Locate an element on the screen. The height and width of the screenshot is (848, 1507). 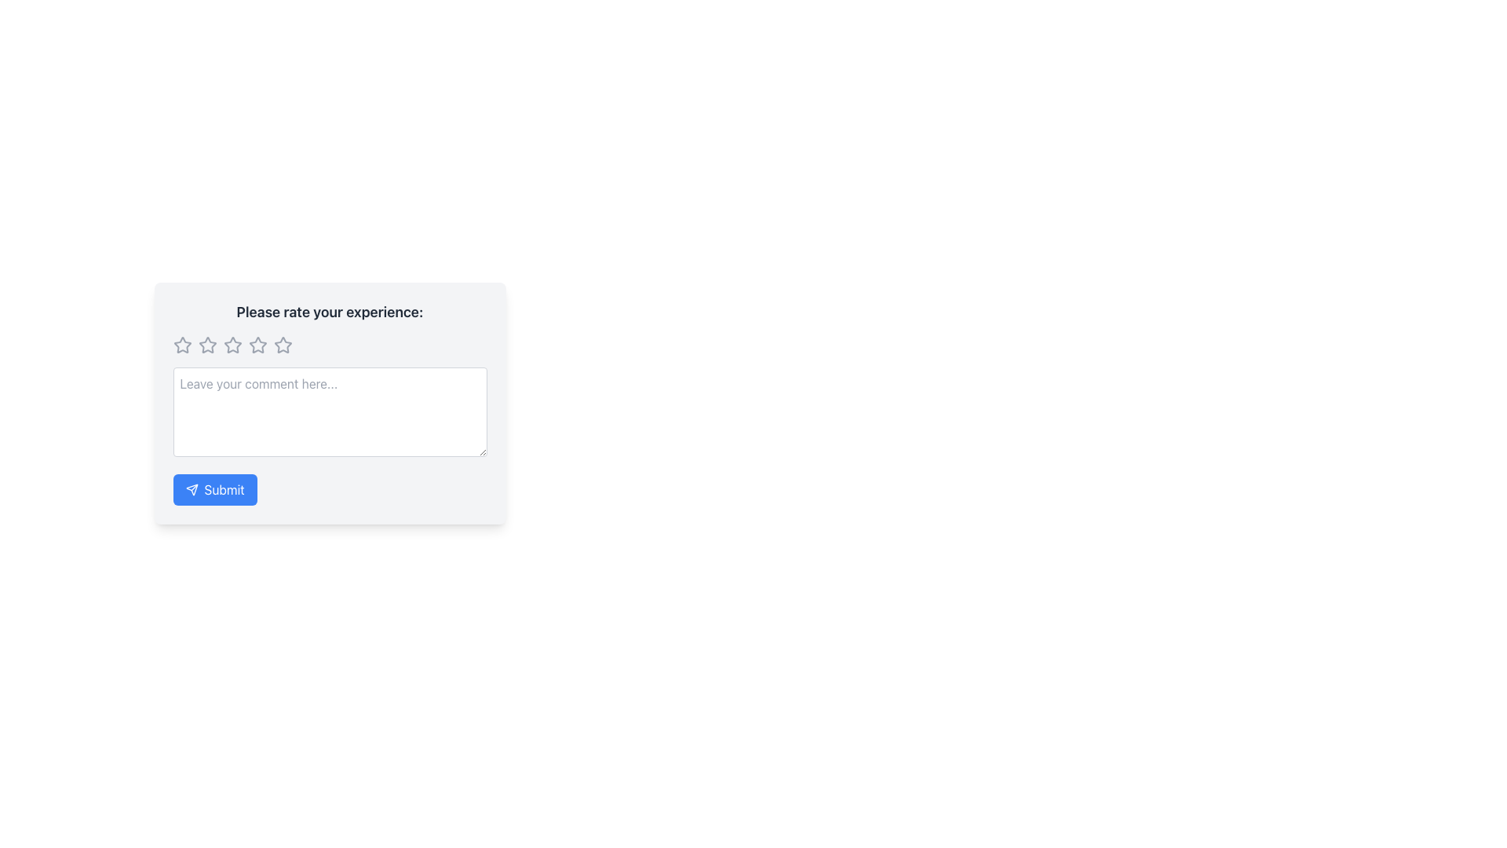
the fourth star-shaped icon from the left, which has a gray outline and is part of a rating feature is located at coordinates (257, 344).